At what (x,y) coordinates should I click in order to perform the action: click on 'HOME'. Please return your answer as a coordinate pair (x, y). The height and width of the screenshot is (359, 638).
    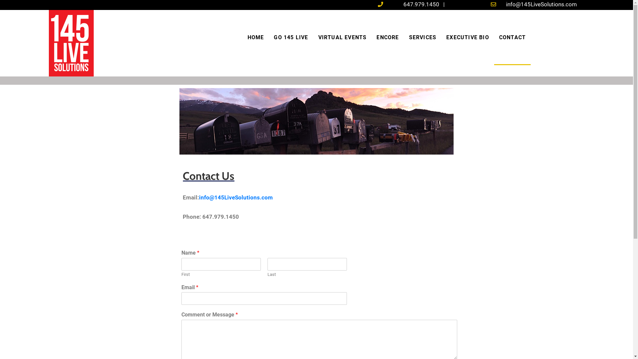
    Looking at the image, I should click on (255, 37).